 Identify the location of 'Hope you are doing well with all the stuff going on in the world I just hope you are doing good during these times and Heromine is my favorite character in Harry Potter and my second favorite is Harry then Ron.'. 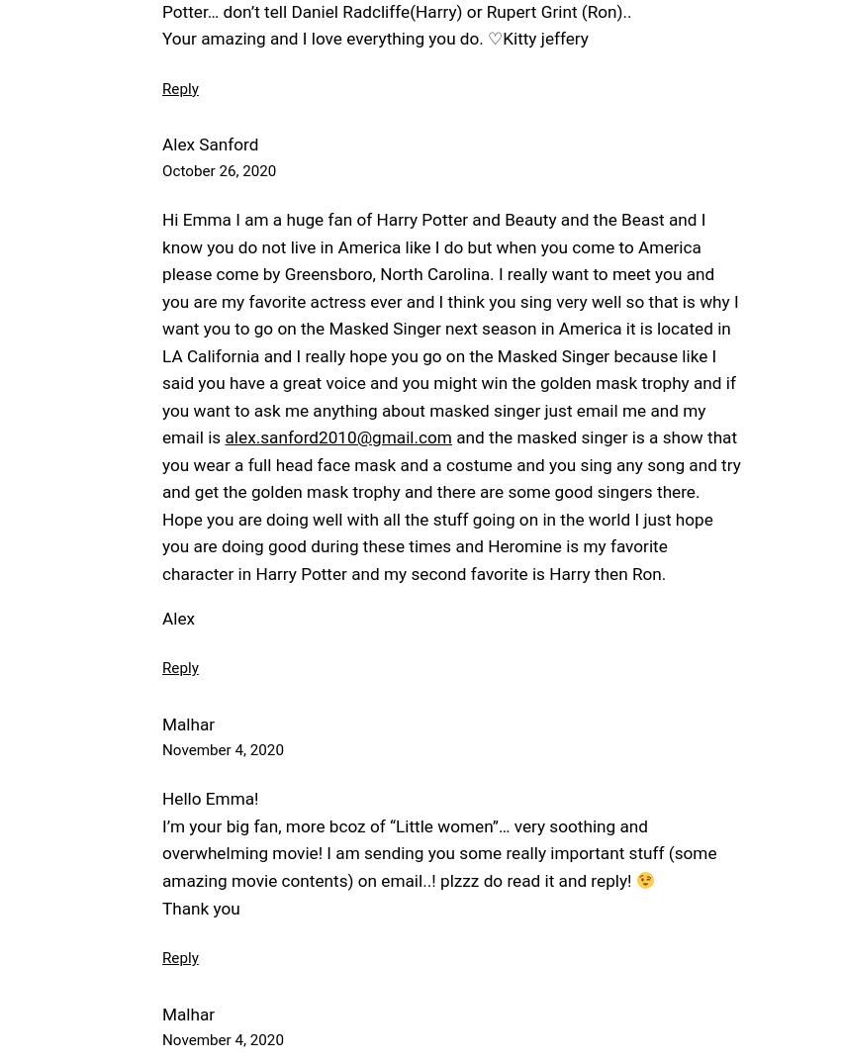
(161, 544).